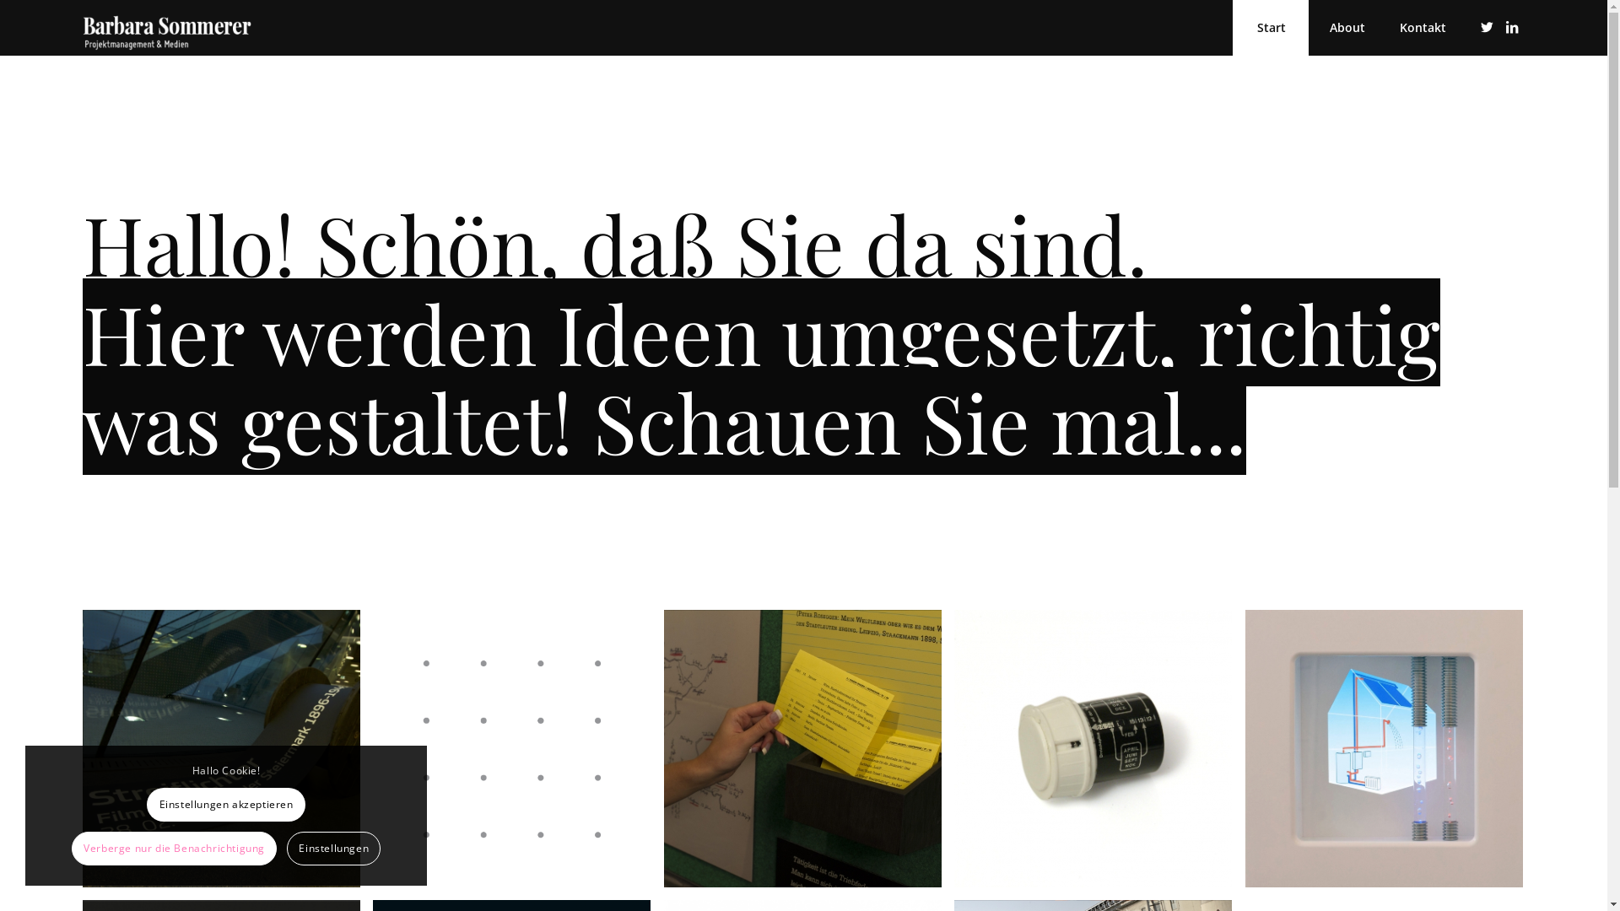 The height and width of the screenshot is (911, 1620). What do you see at coordinates (174, 849) in the screenshot?
I see `'Verberge nur die Benachrichtigung'` at bounding box center [174, 849].